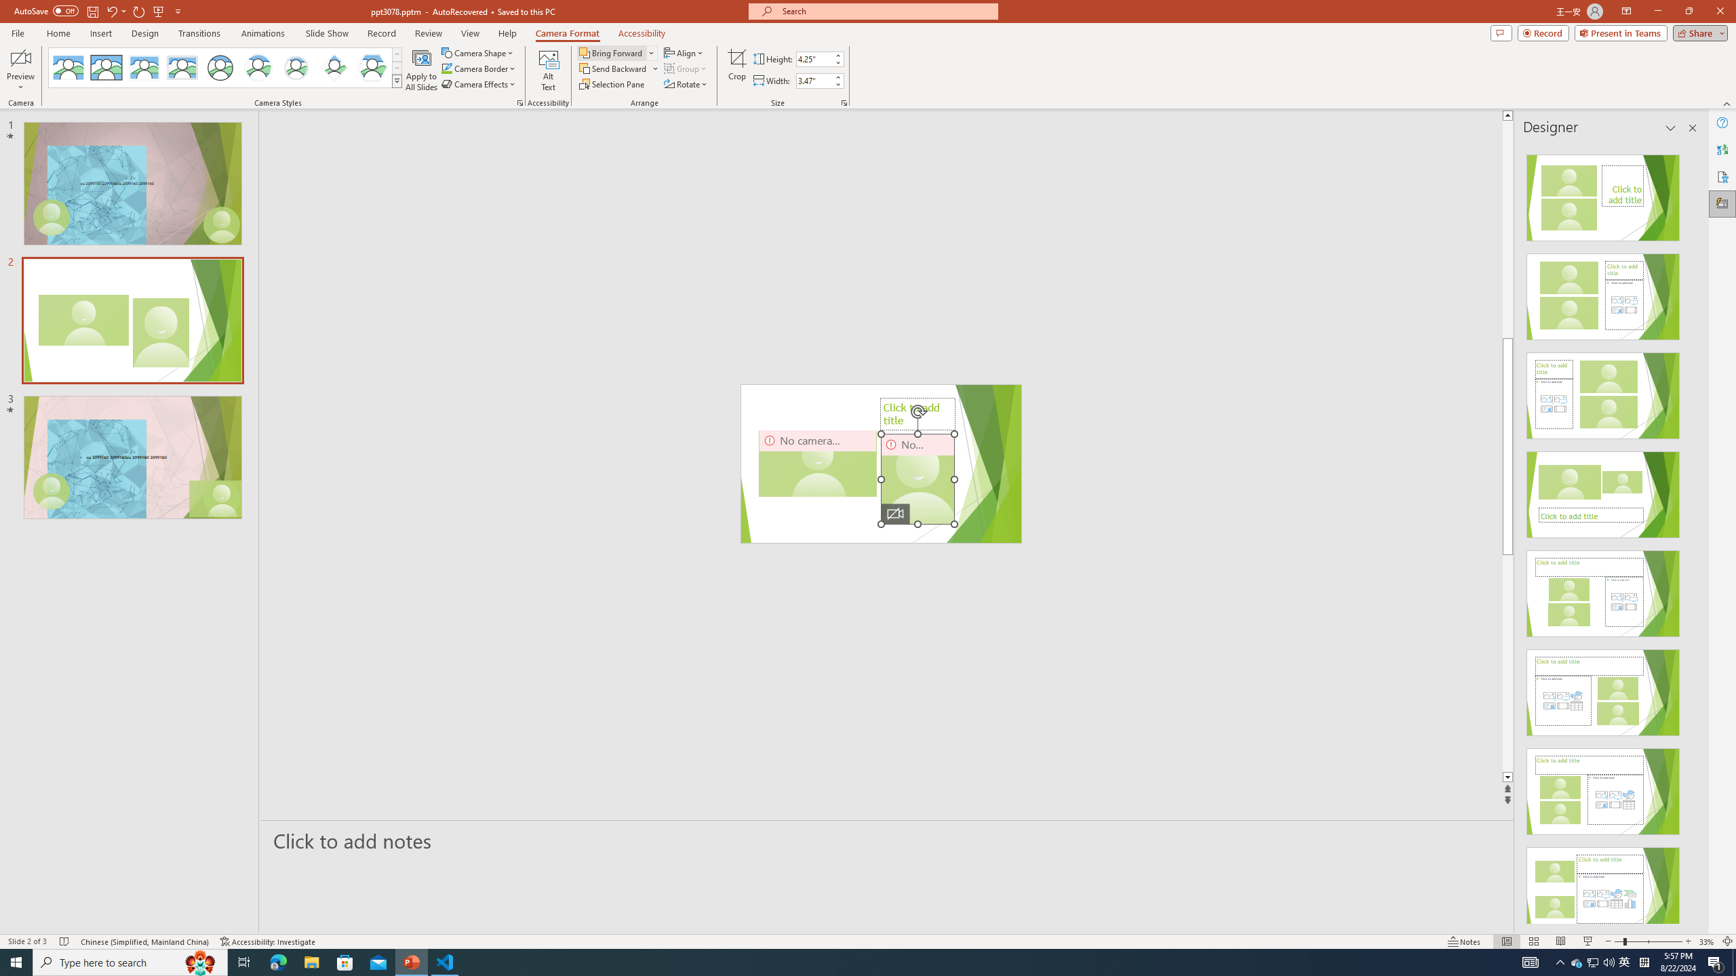  I want to click on 'Size and Position...', so click(843, 102).